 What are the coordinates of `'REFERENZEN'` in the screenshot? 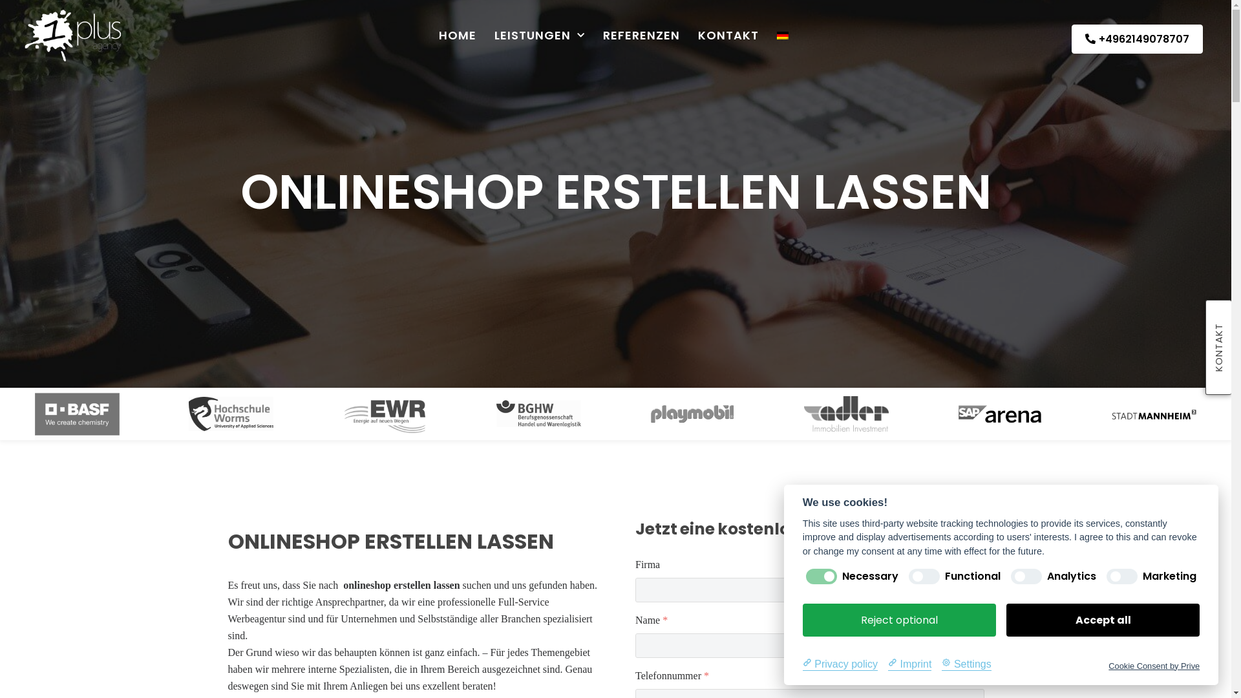 It's located at (602, 34).